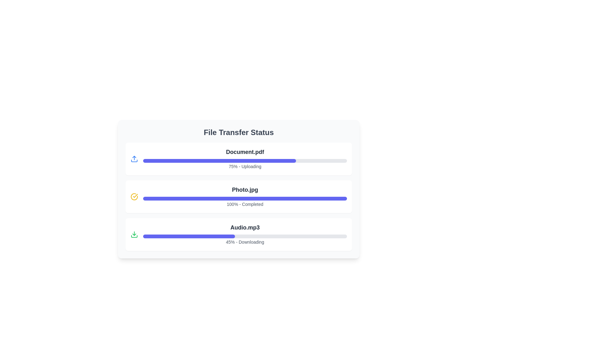 Image resolution: width=604 pixels, height=340 pixels. Describe the element at coordinates (244, 159) in the screenshot. I see `the File transfer progress card, which displays the current status of a file upload and is the first card in a vertically stacked list of file transfer cards` at that location.